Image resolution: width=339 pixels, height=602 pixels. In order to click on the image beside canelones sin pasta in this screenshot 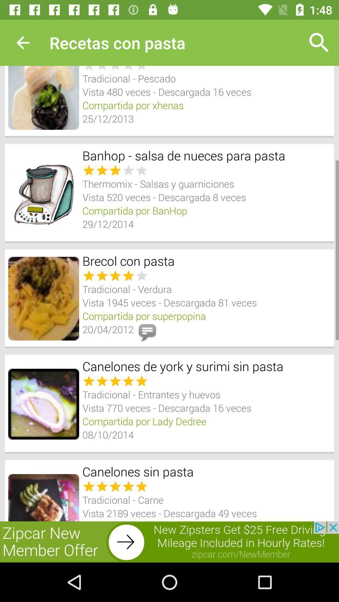, I will do `click(43, 497)`.